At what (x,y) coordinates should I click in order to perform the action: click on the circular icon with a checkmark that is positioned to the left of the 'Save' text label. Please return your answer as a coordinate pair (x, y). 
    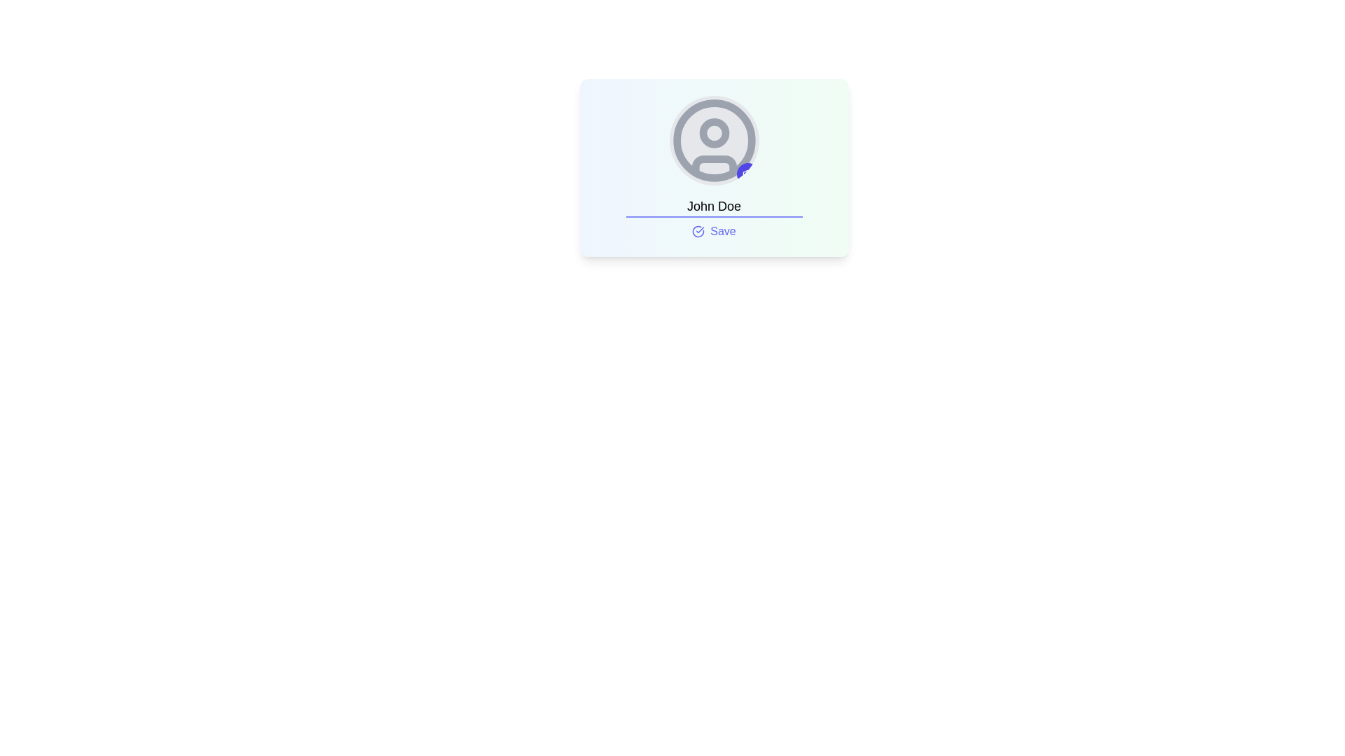
    Looking at the image, I should click on (698, 231).